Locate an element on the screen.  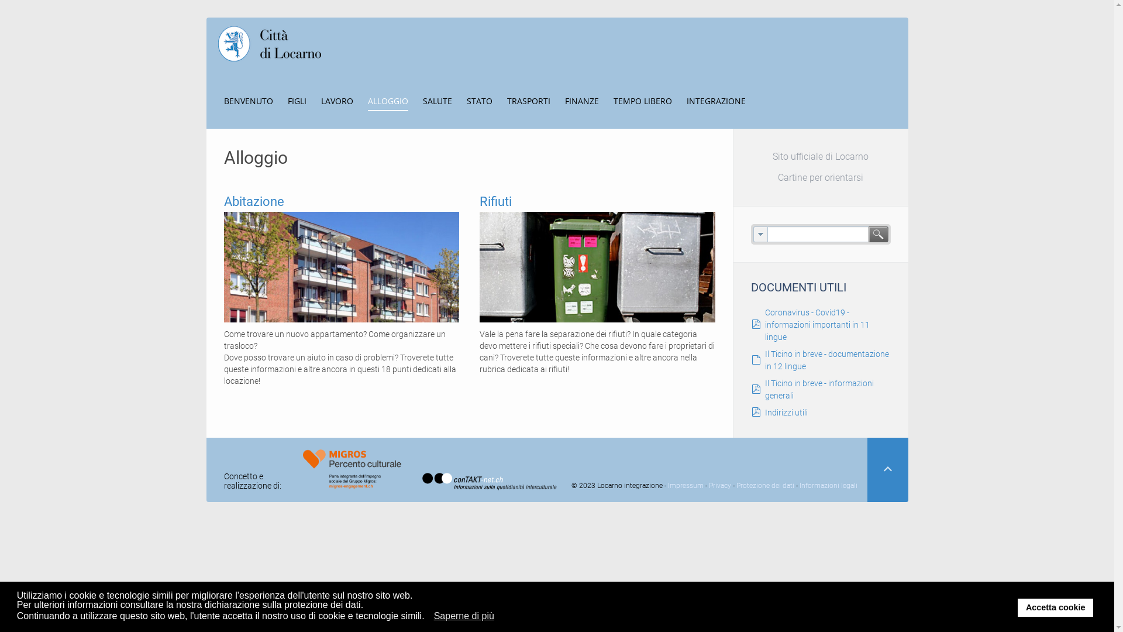
'Protezione dei dati' is located at coordinates (765, 485).